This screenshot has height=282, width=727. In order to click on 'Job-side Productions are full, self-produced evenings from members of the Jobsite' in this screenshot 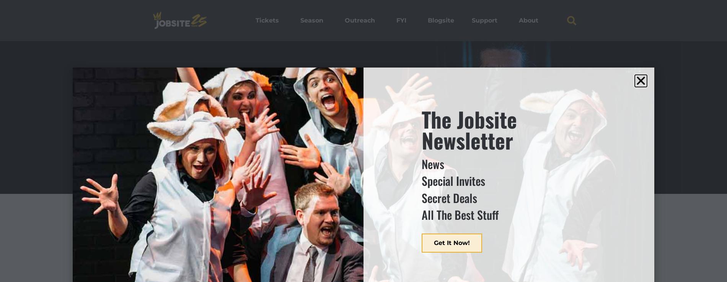, I will do `click(149, 248)`.